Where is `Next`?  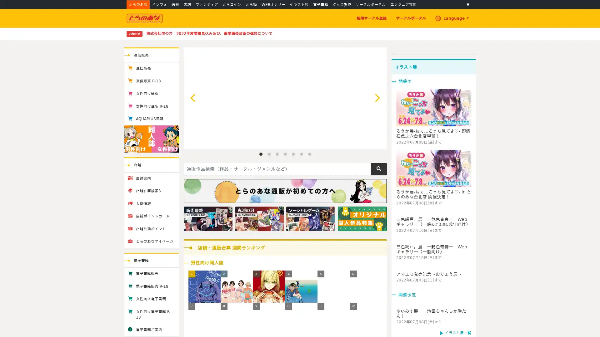 Next is located at coordinates (376, 98).